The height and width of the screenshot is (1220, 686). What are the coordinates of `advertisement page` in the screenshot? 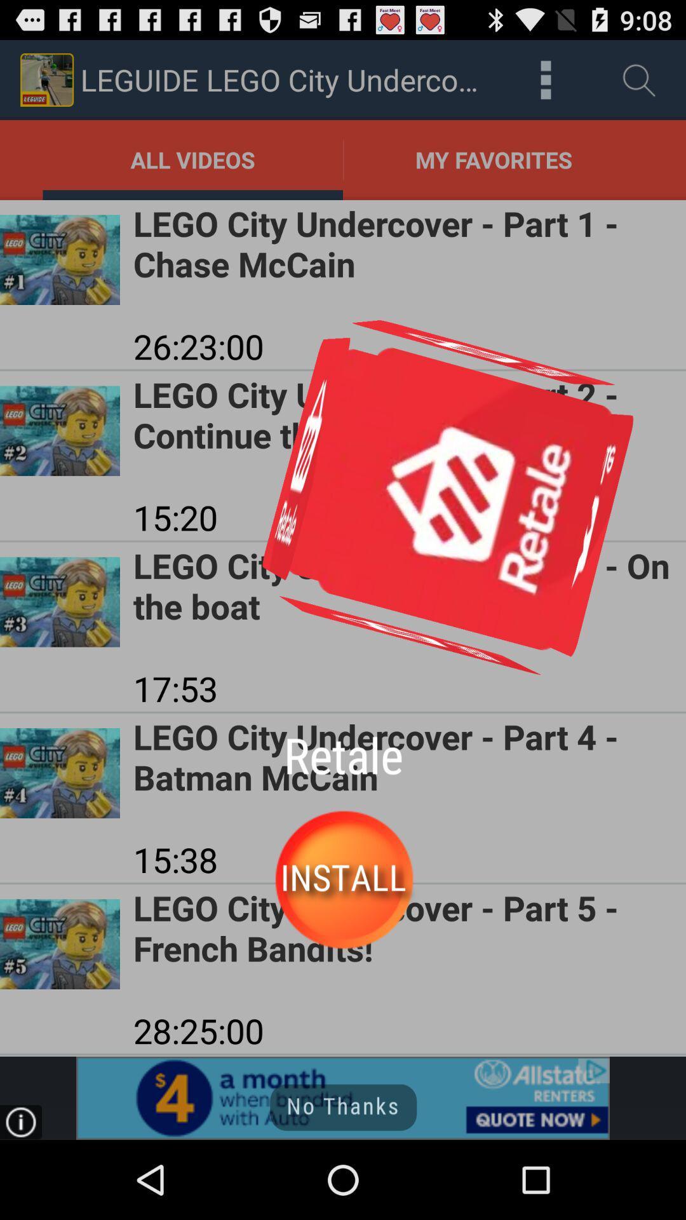 It's located at (343, 1097).